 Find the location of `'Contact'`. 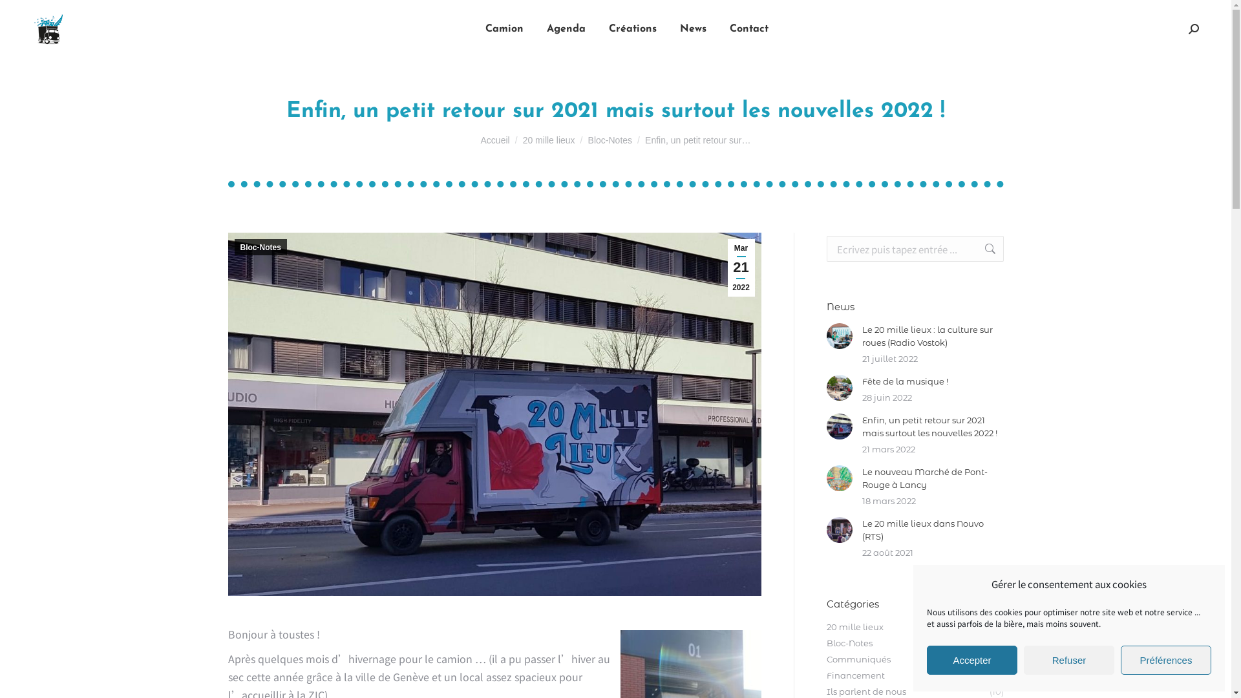

'Contact' is located at coordinates (748, 29).